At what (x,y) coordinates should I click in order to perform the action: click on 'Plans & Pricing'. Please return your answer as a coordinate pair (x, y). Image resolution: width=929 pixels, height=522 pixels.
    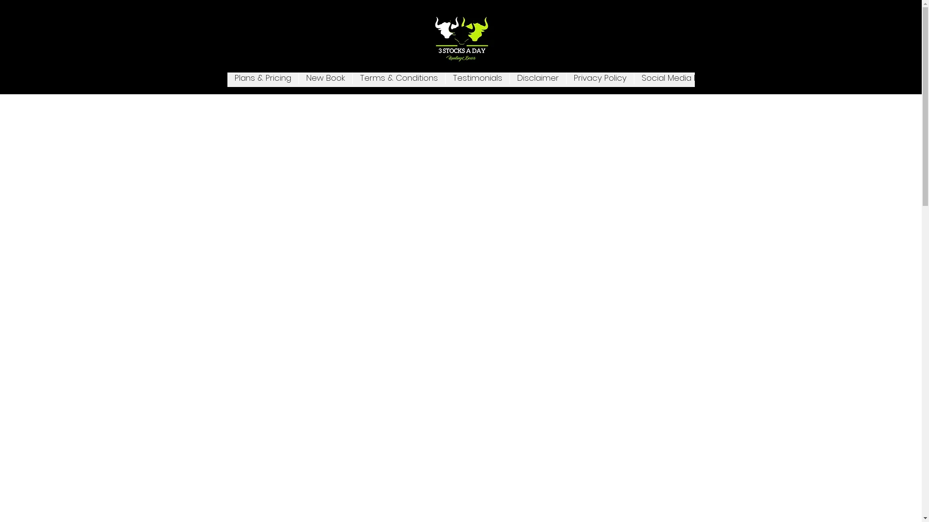
    Looking at the image, I should click on (227, 79).